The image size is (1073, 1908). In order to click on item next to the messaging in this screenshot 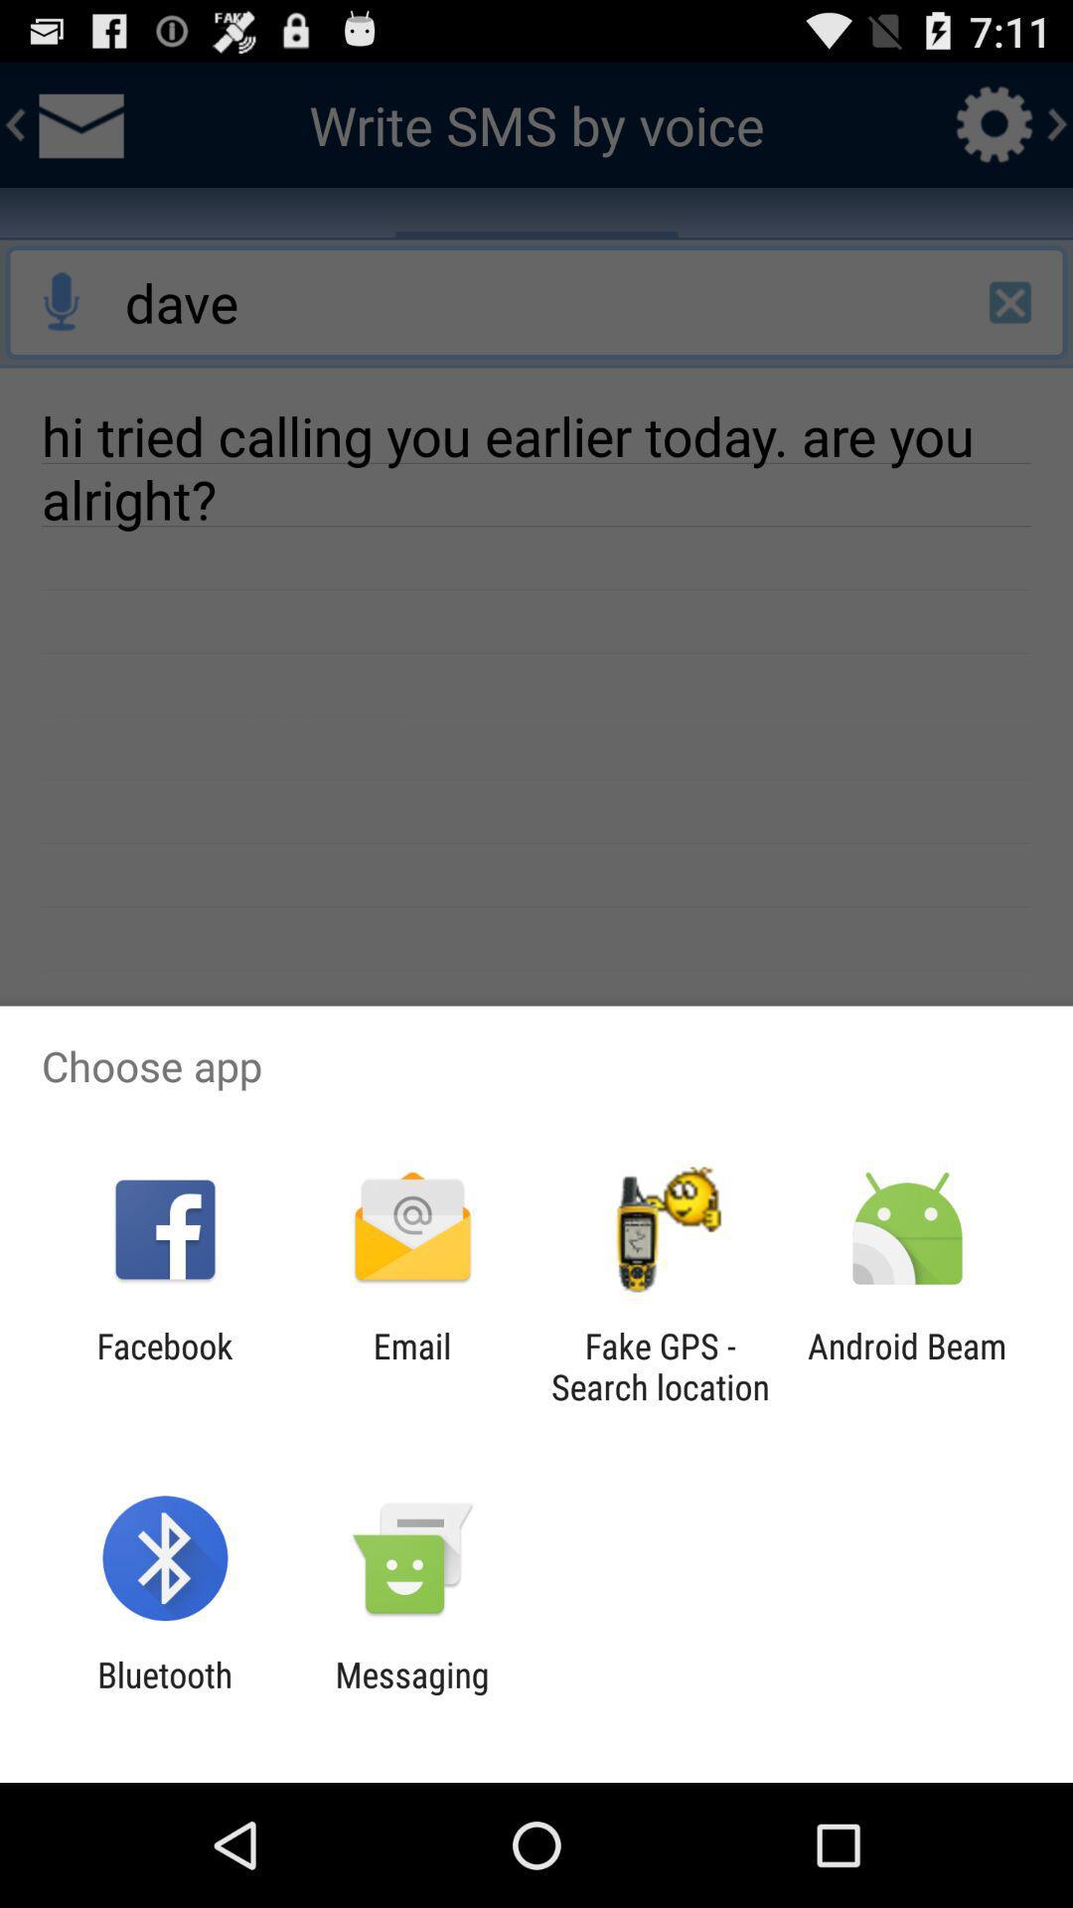, I will do `click(164, 1694)`.